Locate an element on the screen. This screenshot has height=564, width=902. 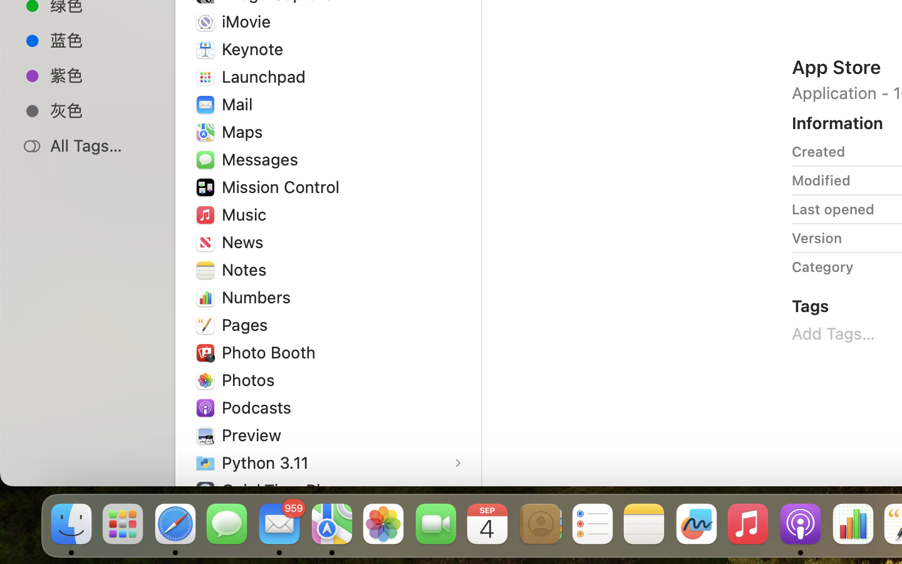
'Mission Control' is located at coordinates (284, 185).